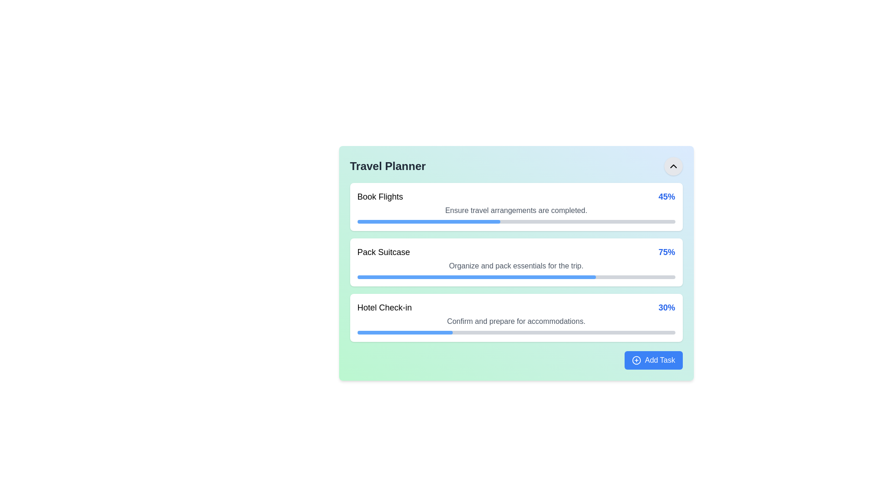 The height and width of the screenshot is (499, 887). What do you see at coordinates (636, 359) in the screenshot?
I see `the add task icon located to the left of the 'Add Task' button in the bottom-right corner of the interface` at bounding box center [636, 359].